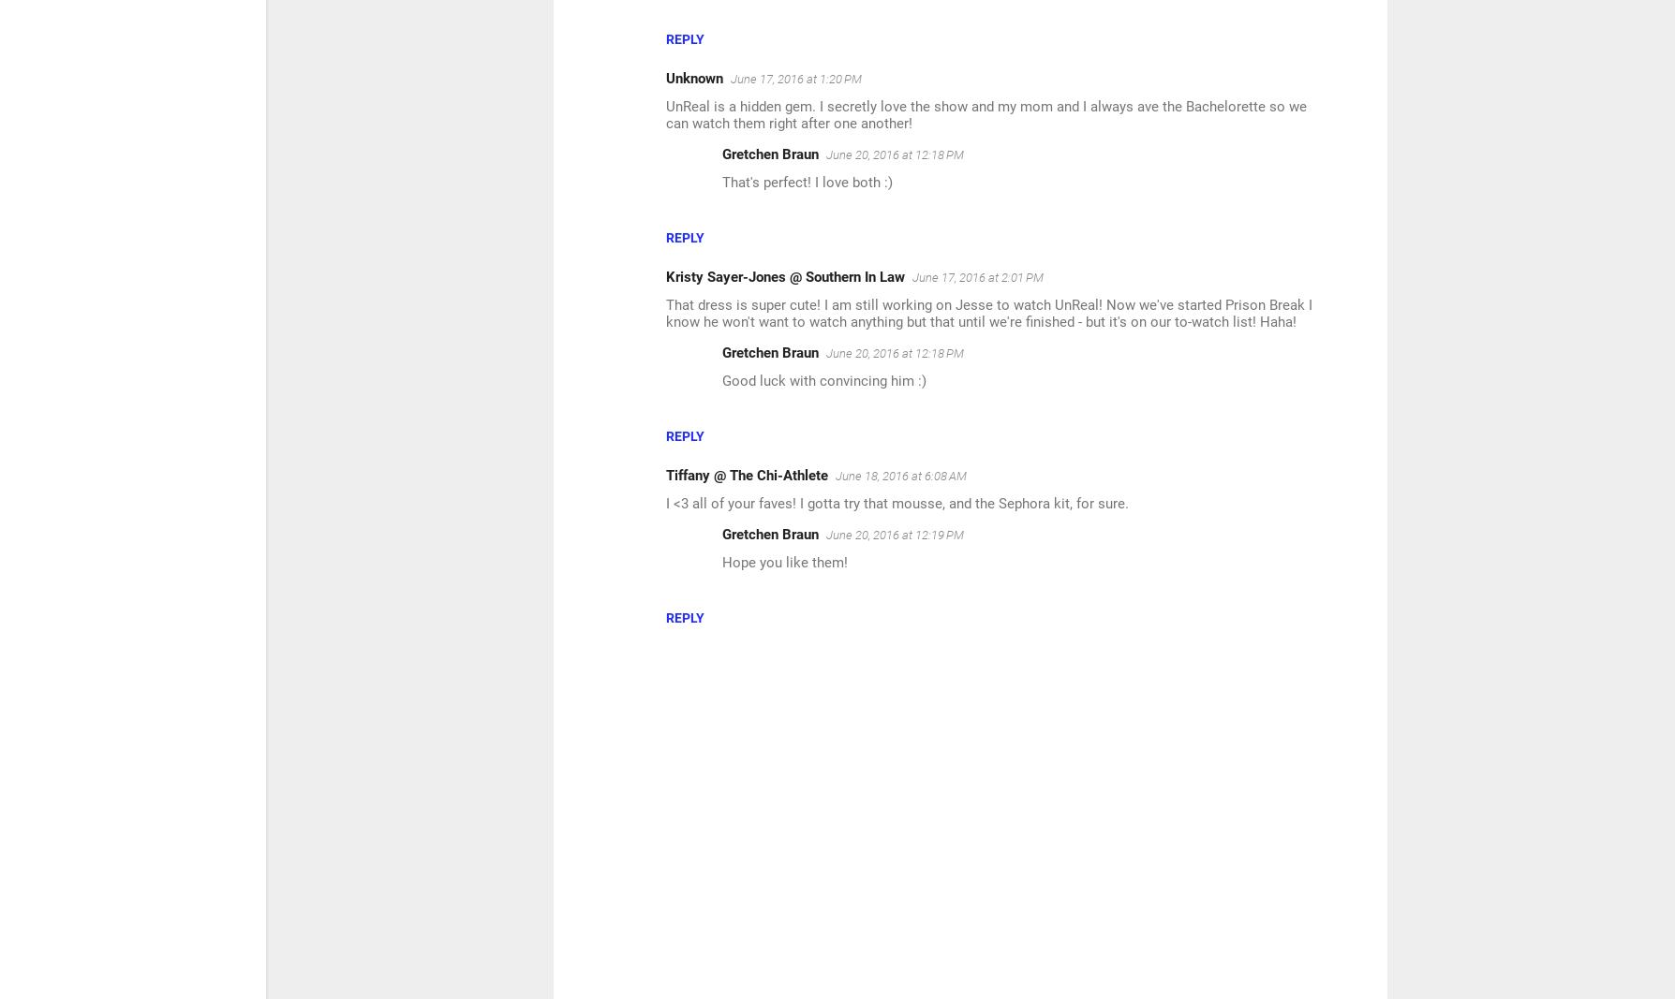 This screenshot has width=1675, height=999. I want to click on 'June 18, 2016 at 6:08 AM', so click(900, 475).